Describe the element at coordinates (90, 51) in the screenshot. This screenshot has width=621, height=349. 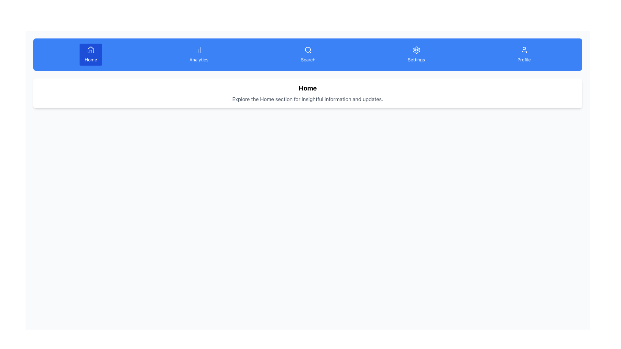
I see `the minimalist house icon within the blue square button on the top navigation bar, which is labeled 'Home'` at that location.